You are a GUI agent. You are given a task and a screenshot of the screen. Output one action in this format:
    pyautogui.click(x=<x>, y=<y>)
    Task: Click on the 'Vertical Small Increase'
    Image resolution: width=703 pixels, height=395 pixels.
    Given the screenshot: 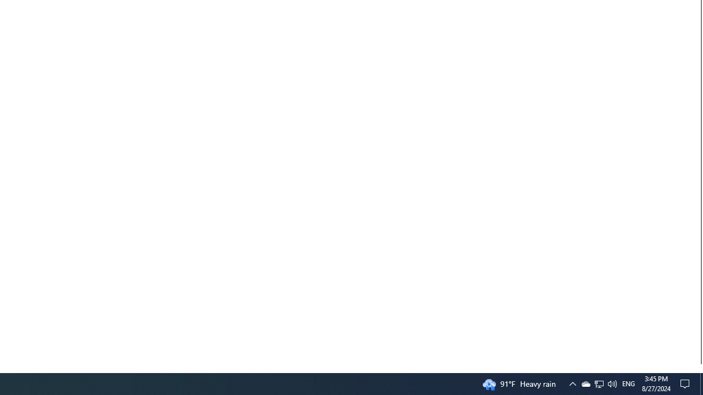 What is the action you would take?
    pyautogui.click(x=698, y=368)
    